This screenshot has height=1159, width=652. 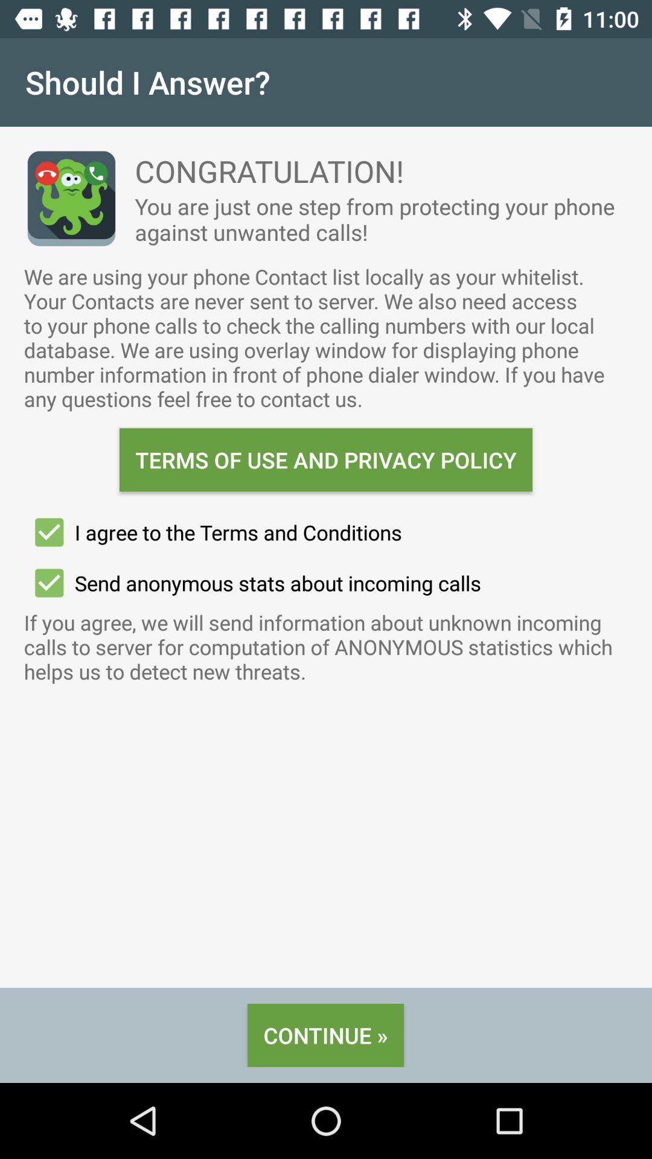 I want to click on item below the if you agree item, so click(x=325, y=1035).